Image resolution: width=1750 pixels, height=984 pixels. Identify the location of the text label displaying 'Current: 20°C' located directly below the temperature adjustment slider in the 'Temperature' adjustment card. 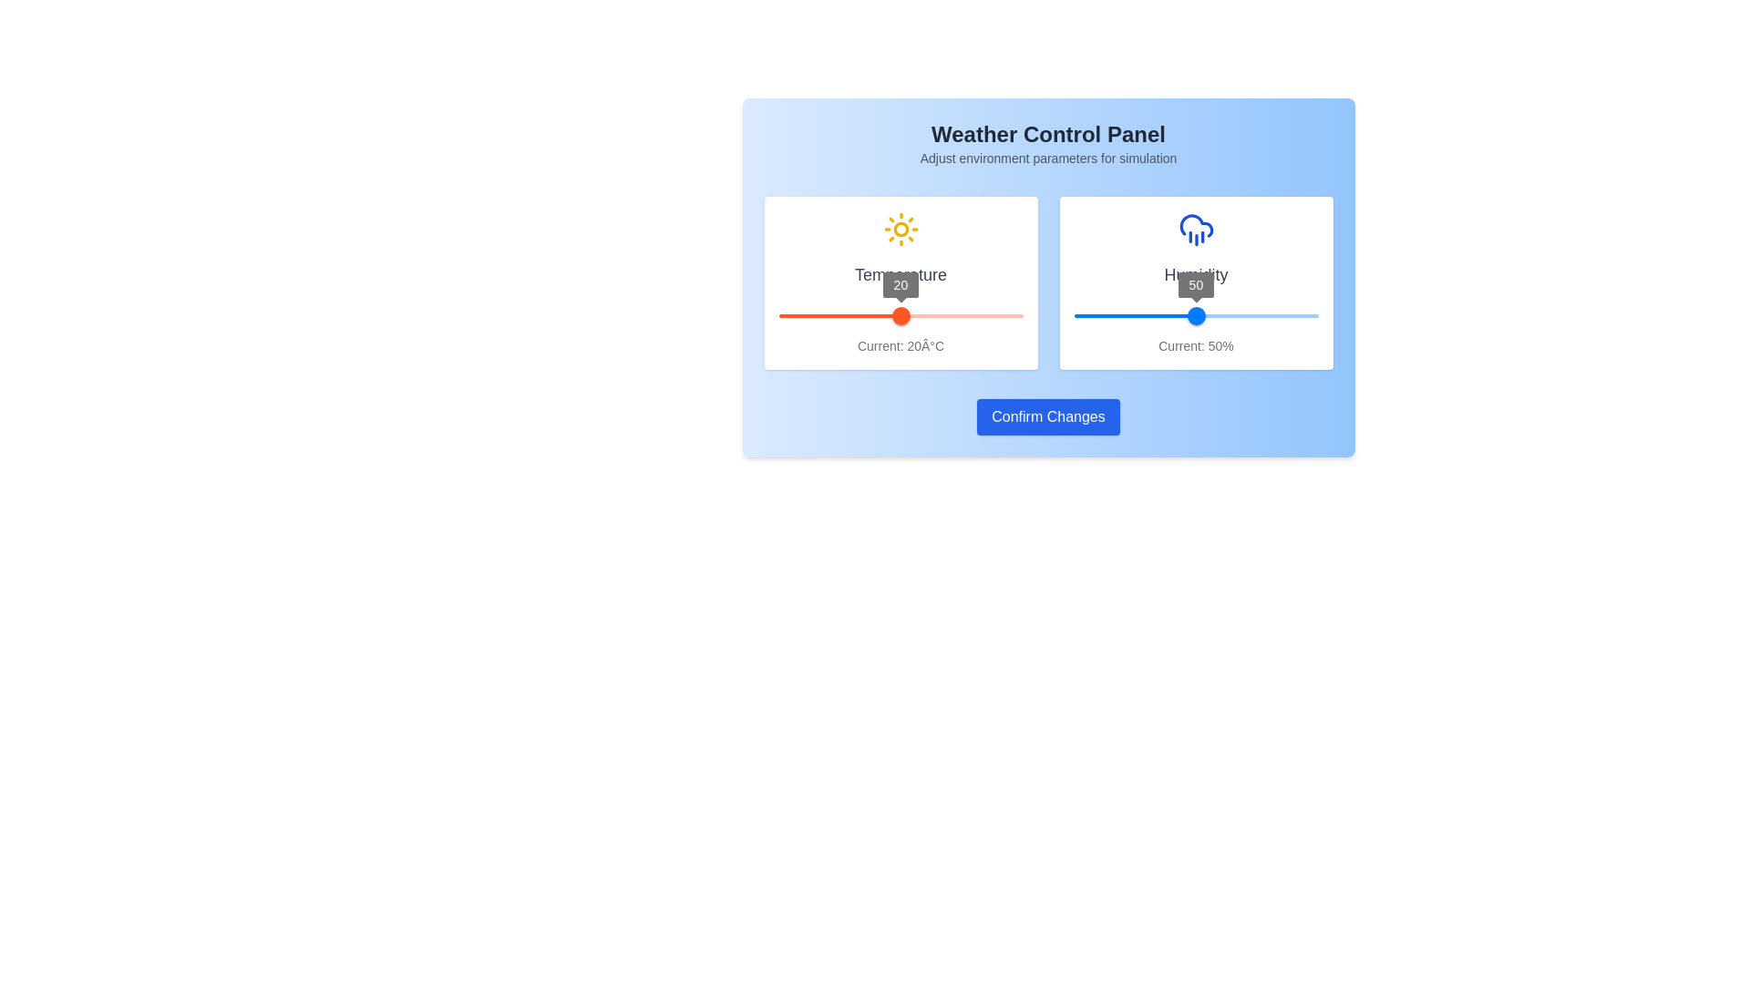
(901, 346).